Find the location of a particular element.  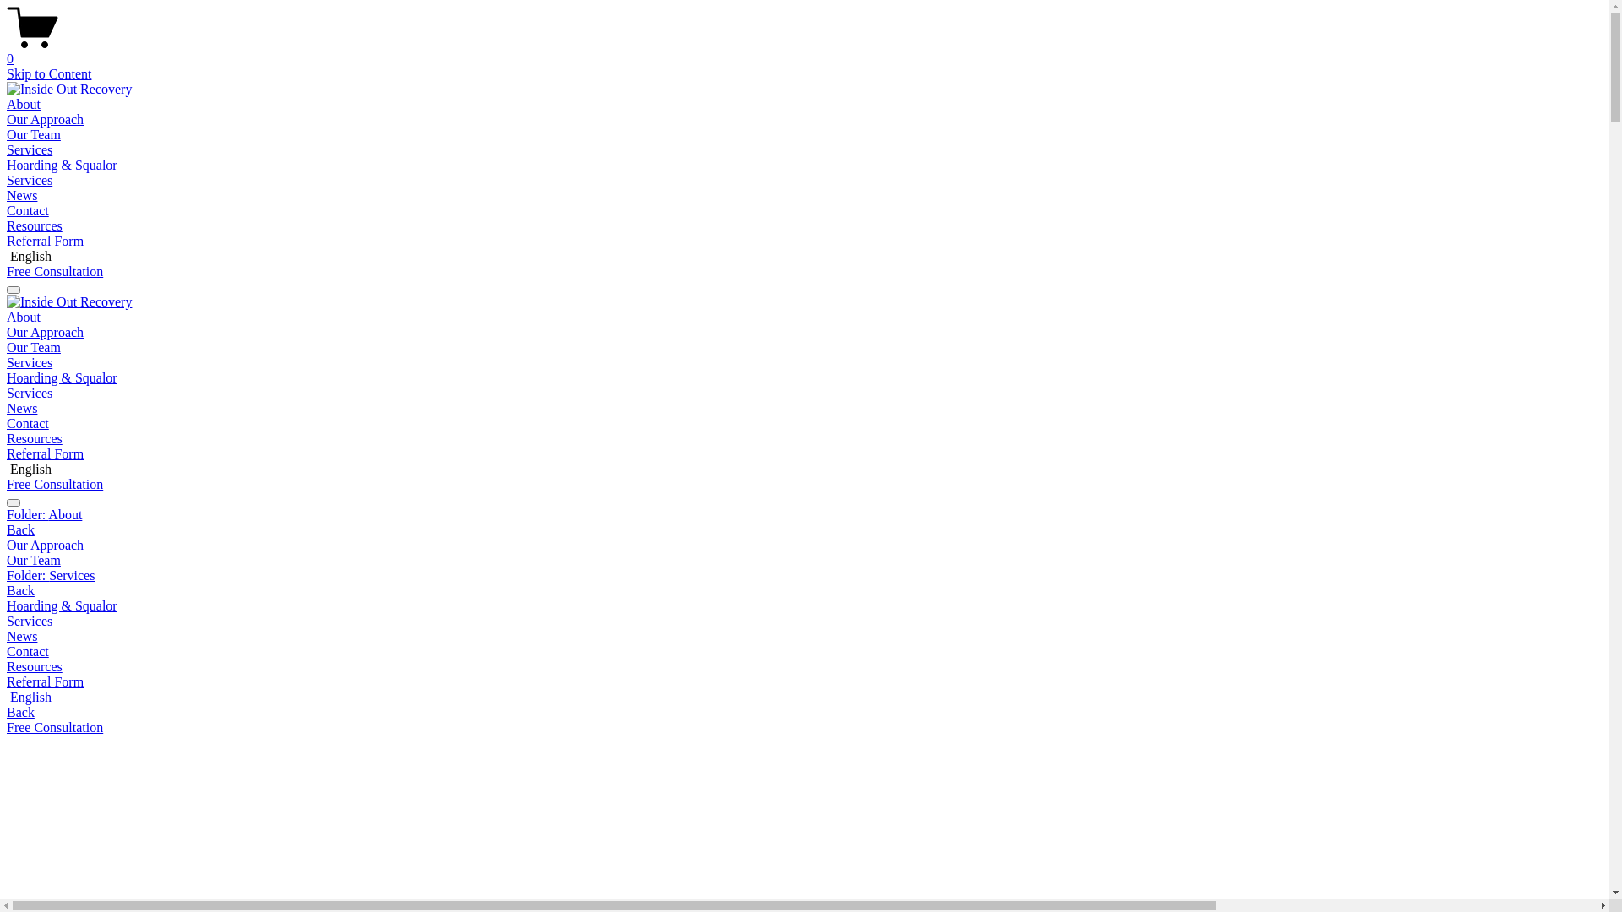

'Services' is located at coordinates (29, 393).